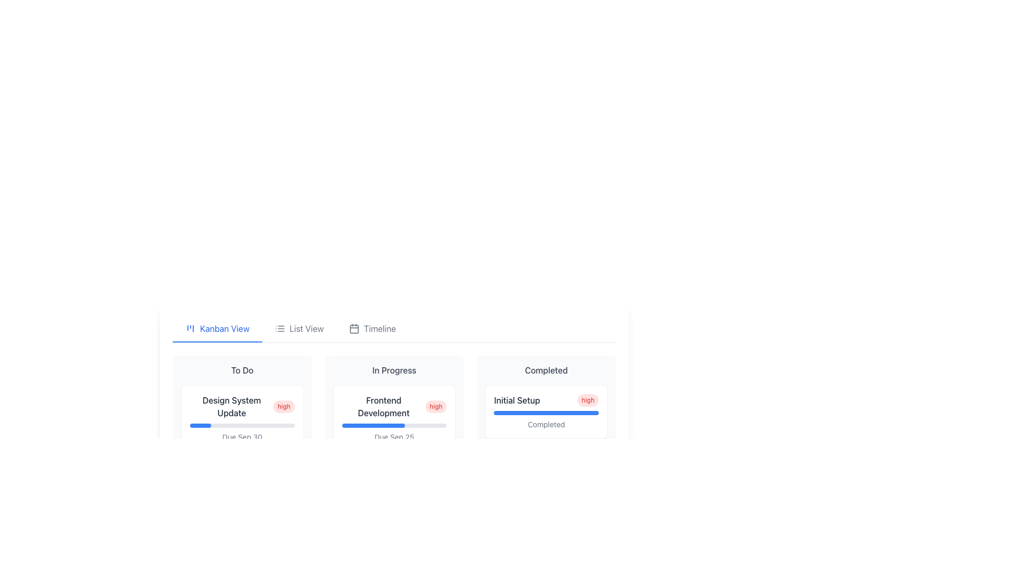 The image size is (1011, 569). What do you see at coordinates (299, 328) in the screenshot?
I see `the second tab button that switches the content display to a list view format, located between 'Kanban View' and 'Timeline', to change its color` at bounding box center [299, 328].